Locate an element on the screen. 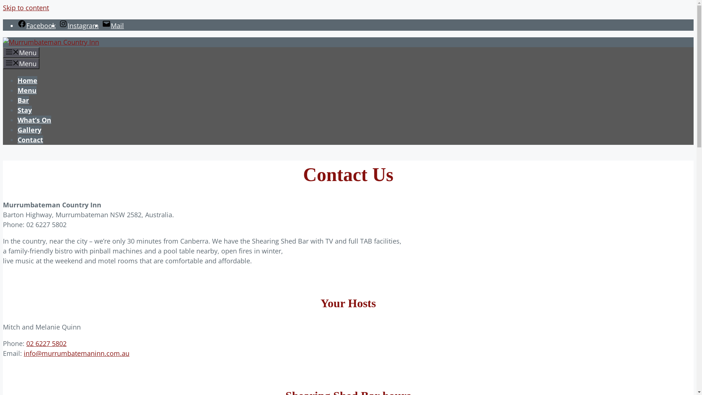 The image size is (702, 395). 'Mail' is located at coordinates (112, 25).